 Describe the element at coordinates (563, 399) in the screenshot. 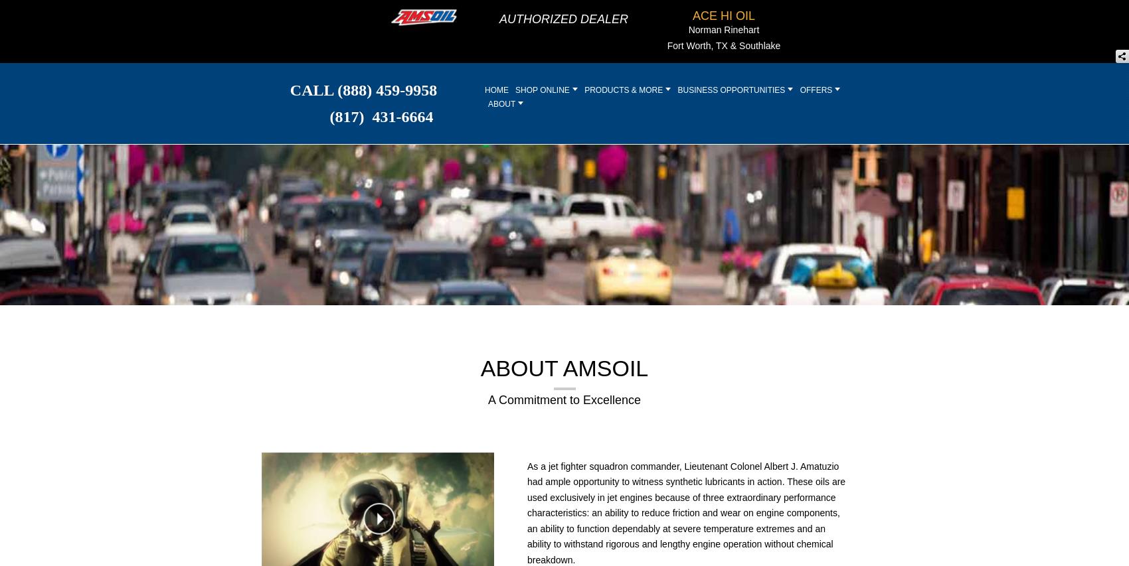

I see `'A Commitment to Excellence'` at that location.